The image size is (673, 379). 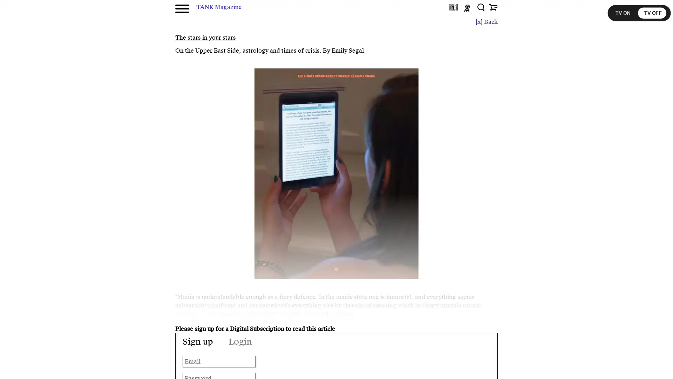 What do you see at coordinates (481, 7) in the screenshot?
I see `Search` at bounding box center [481, 7].